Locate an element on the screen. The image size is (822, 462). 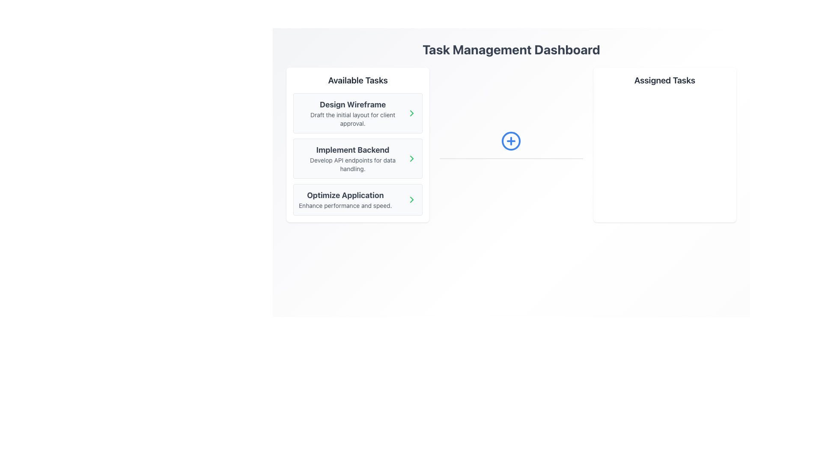
the top-most text element that introduces the content of the interface, providing context to the application is located at coordinates (511, 49).